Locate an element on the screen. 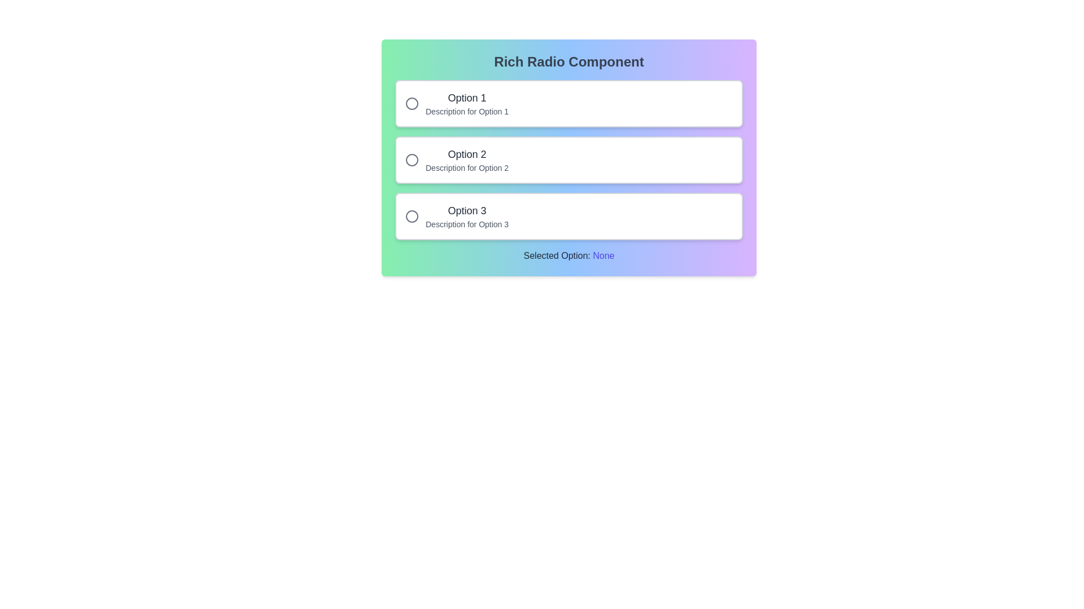 Image resolution: width=1084 pixels, height=609 pixels. the text label reading 'Description for Option 3', which is styled in a smaller light gray font and positioned below the larger 'Option 3' label is located at coordinates (467, 224).